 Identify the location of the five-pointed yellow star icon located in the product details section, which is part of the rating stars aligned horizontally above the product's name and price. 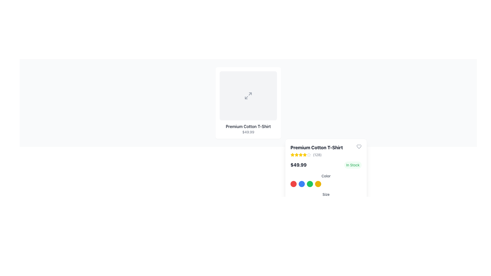
(301, 154).